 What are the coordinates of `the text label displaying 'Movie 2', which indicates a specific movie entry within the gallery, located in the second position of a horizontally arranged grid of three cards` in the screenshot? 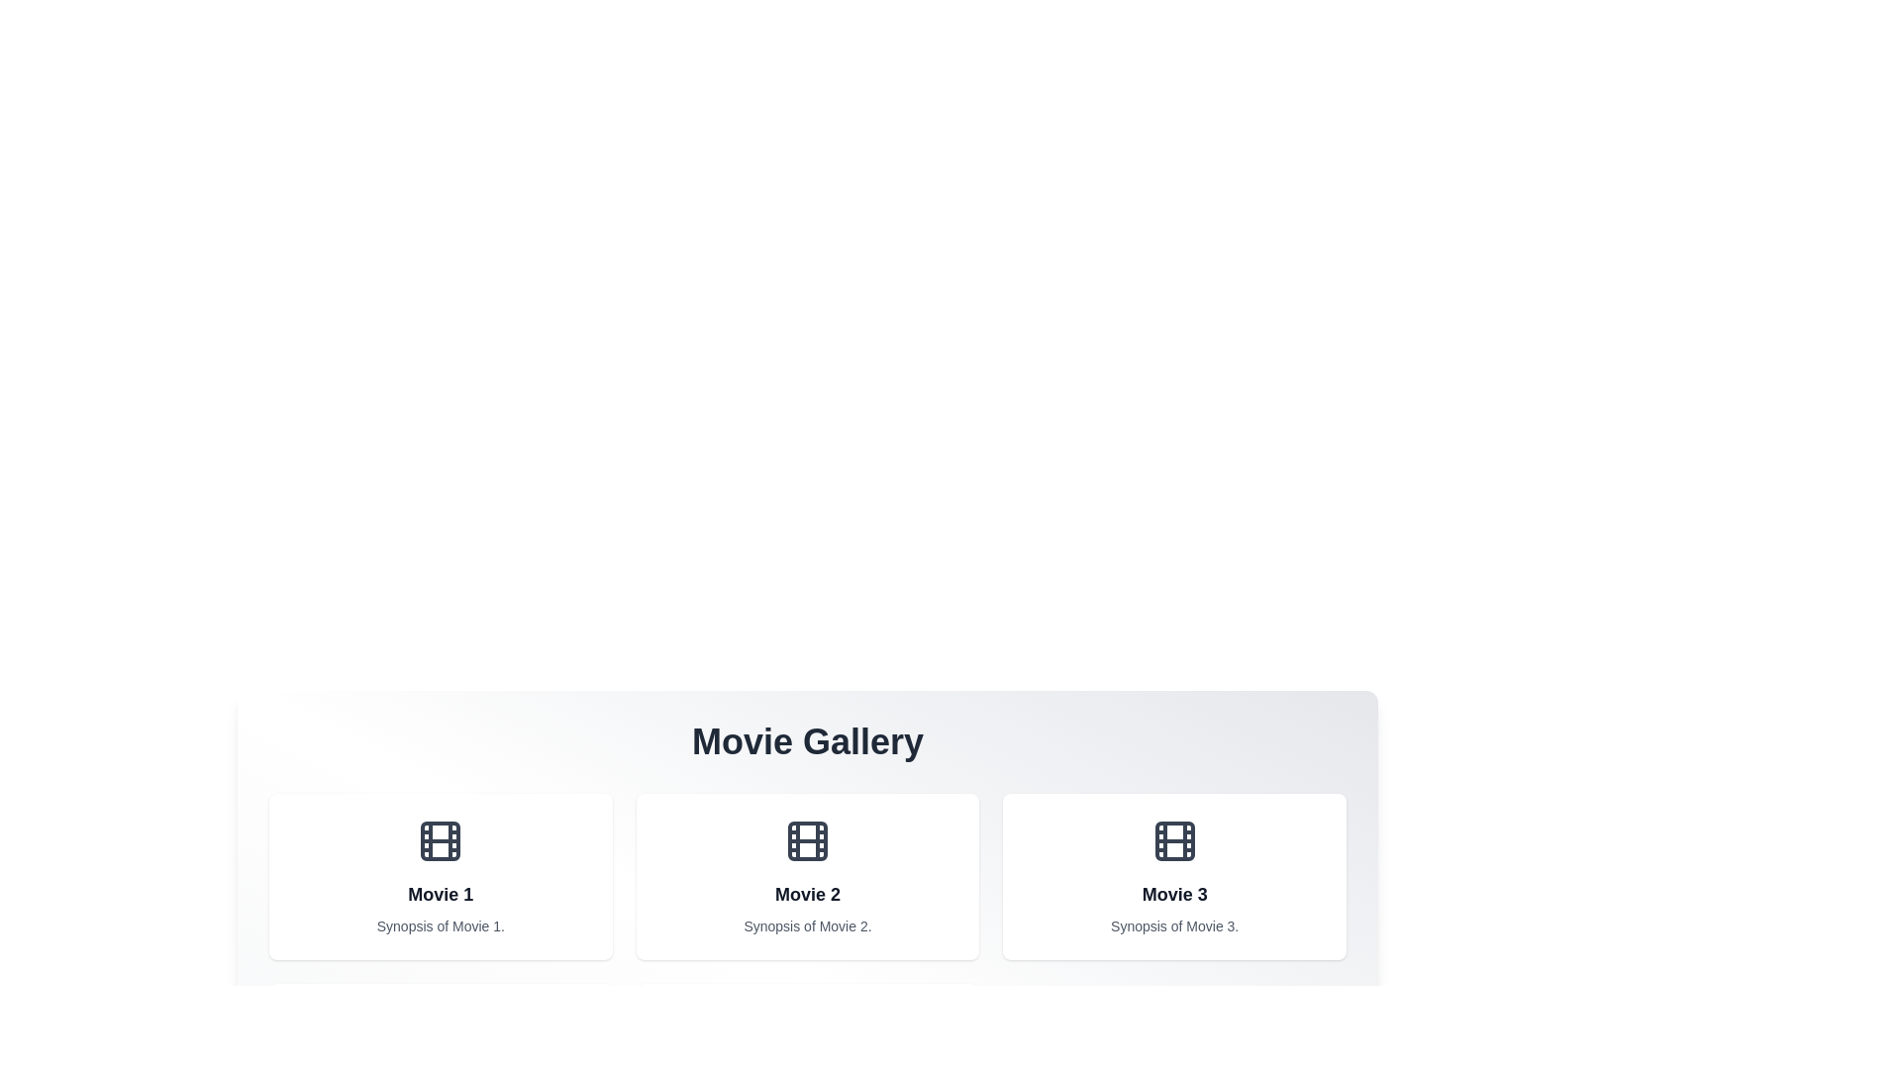 It's located at (808, 894).